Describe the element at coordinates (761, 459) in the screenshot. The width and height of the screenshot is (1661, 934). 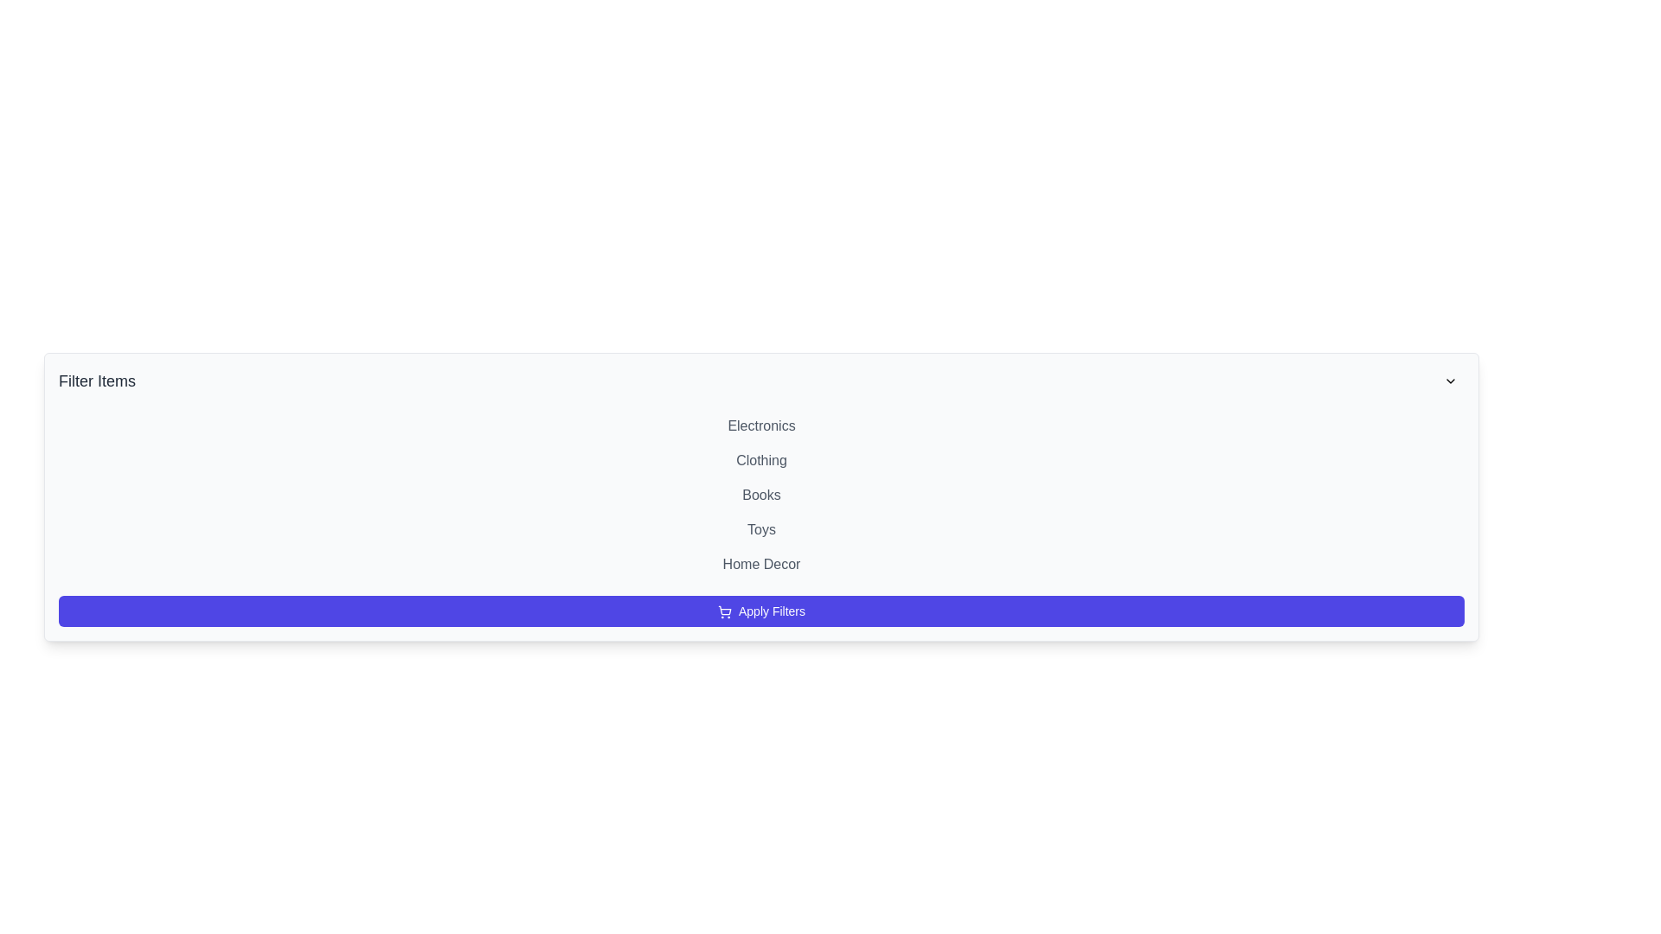
I see `the 'Clothing' option in the vertical list of selectable categories, which is positioned below 'Electronics' and above 'Books'` at that location.